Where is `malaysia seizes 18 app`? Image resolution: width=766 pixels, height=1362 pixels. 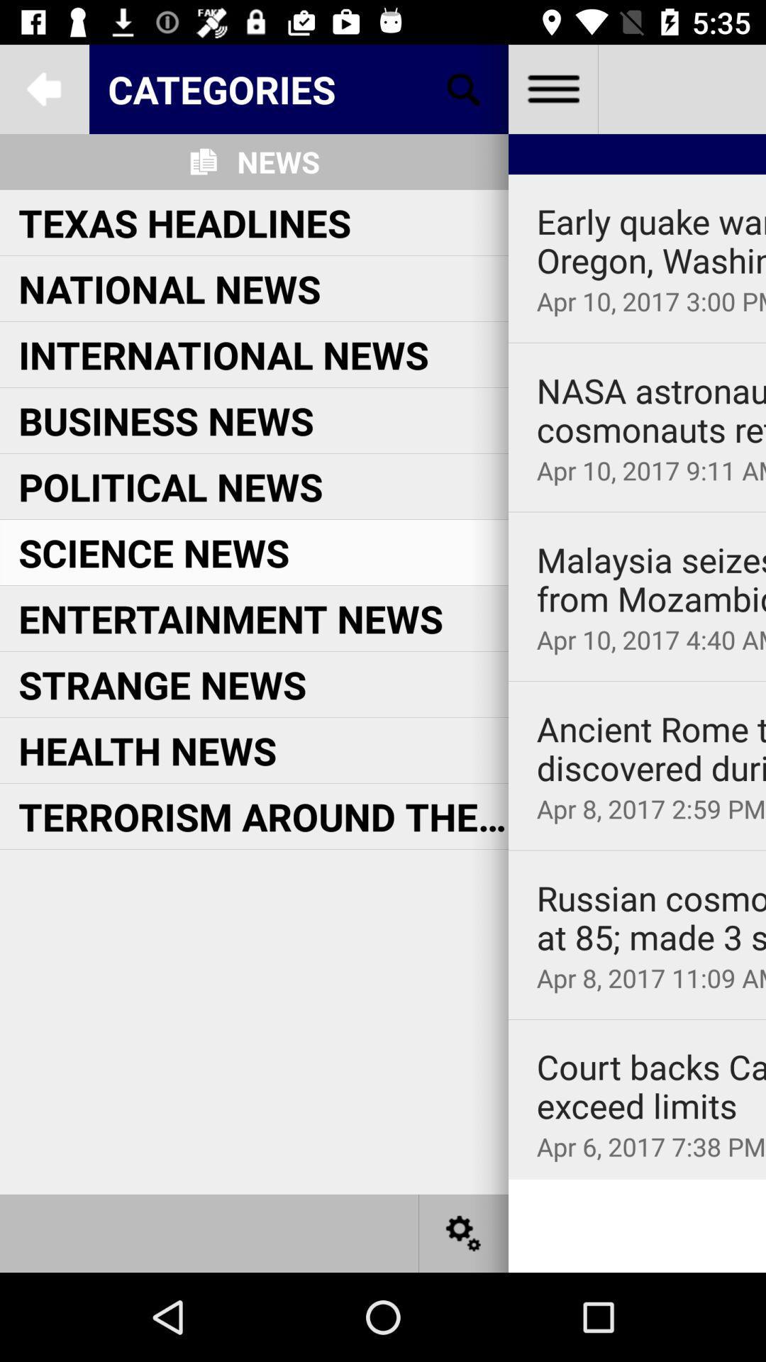
malaysia seizes 18 app is located at coordinates (651, 580).